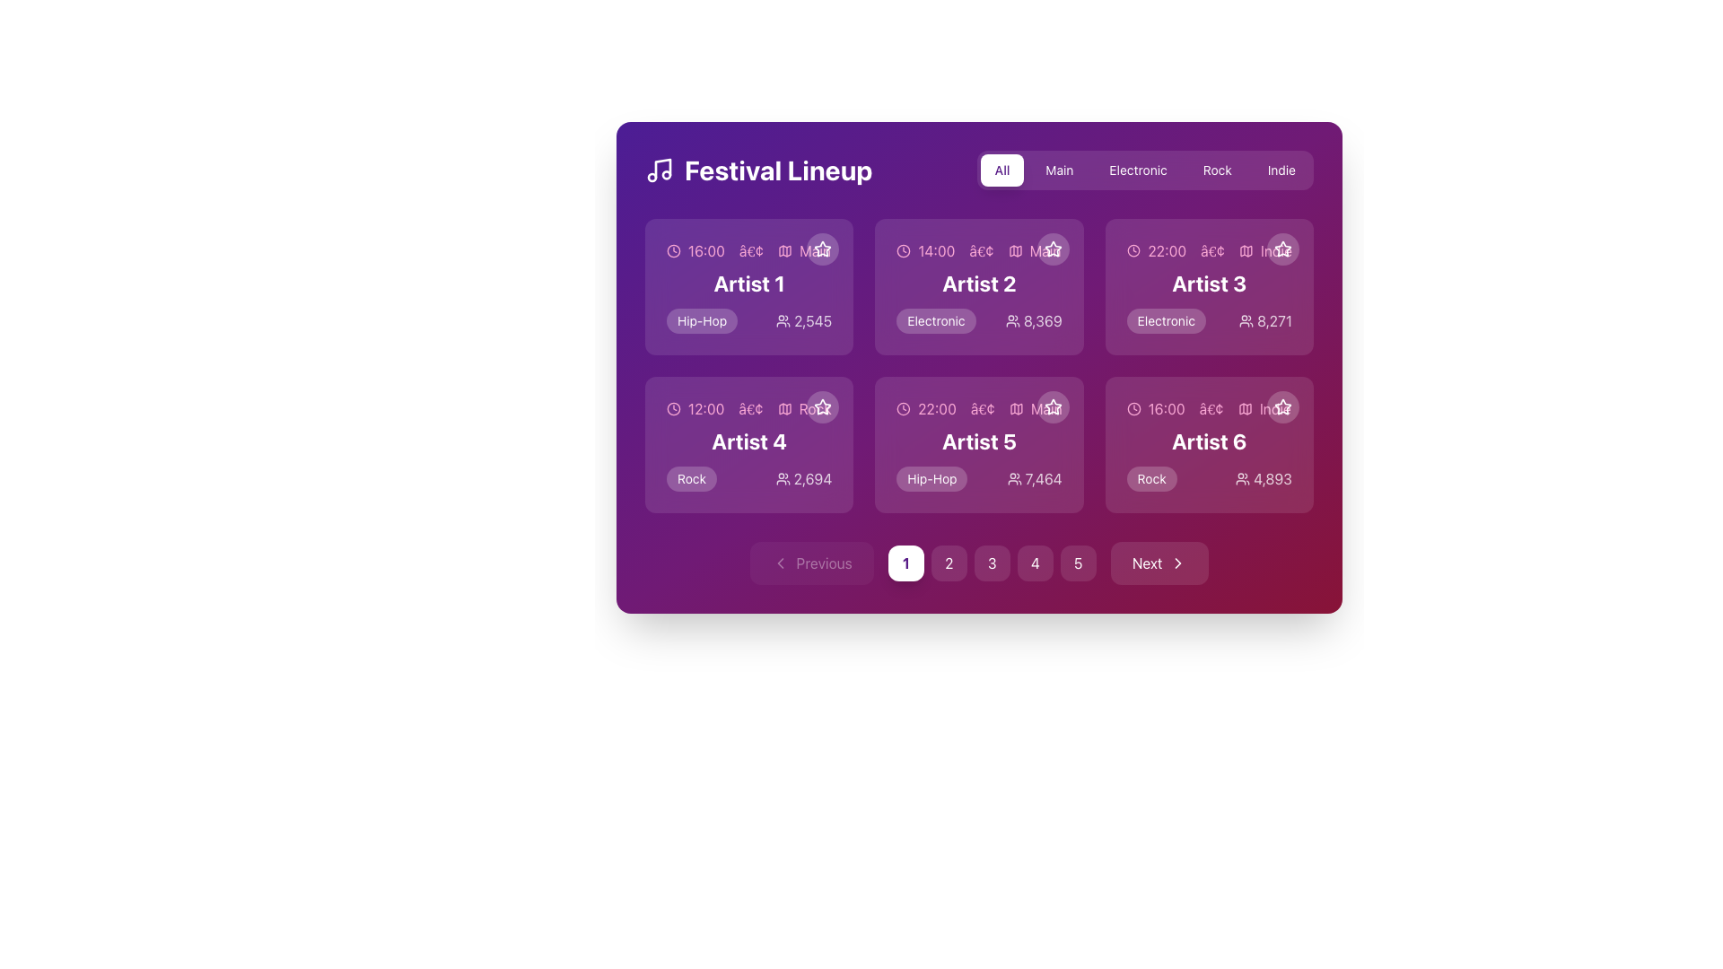 The height and width of the screenshot is (969, 1723). Describe the element at coordinates (1133, 251) in the screenshot. I see `the Graphical Circle element located in the 'Artist 3' section, which serves as a decorative or functional component conveying specific status or action` at that location.